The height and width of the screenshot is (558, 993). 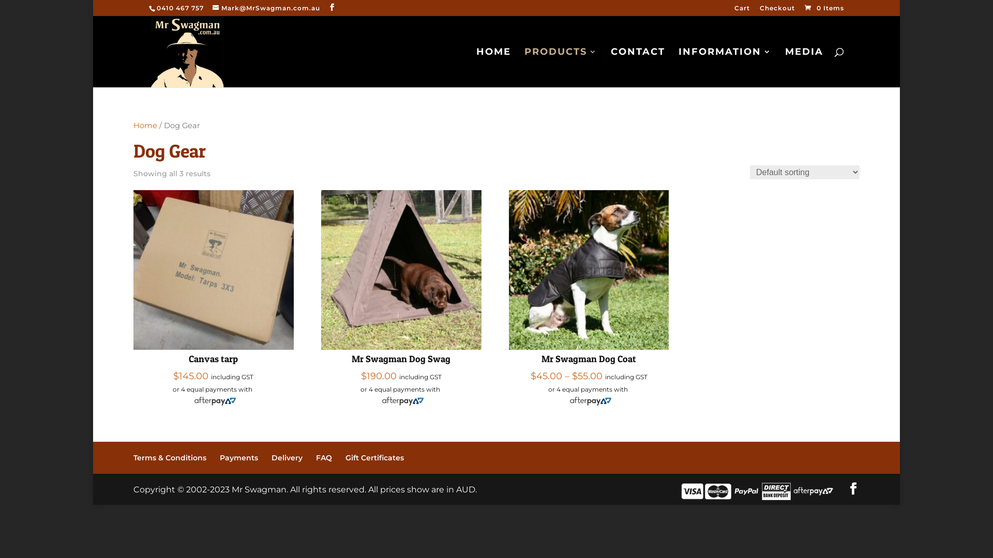 What do you see at coordinates (777, 10) in the screenshot?
I see `'Checkout'` at bounding box center [777, 10].